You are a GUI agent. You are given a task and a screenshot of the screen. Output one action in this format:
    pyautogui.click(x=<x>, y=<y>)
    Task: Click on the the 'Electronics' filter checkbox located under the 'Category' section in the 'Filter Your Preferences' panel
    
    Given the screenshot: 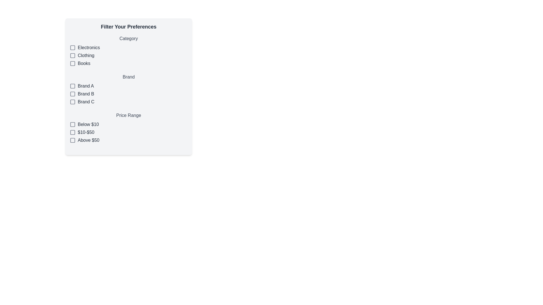 What is the action you would take?
    pyautogui.click(x=72, y=47)
    